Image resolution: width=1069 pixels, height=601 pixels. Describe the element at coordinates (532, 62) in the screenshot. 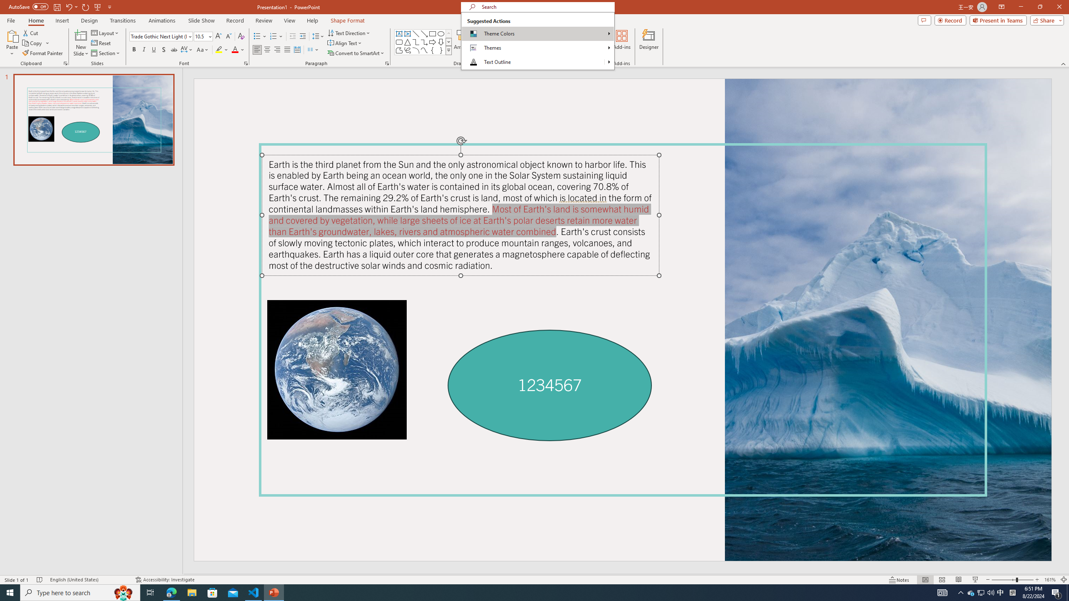

I see `'Text Outline'` at that location.